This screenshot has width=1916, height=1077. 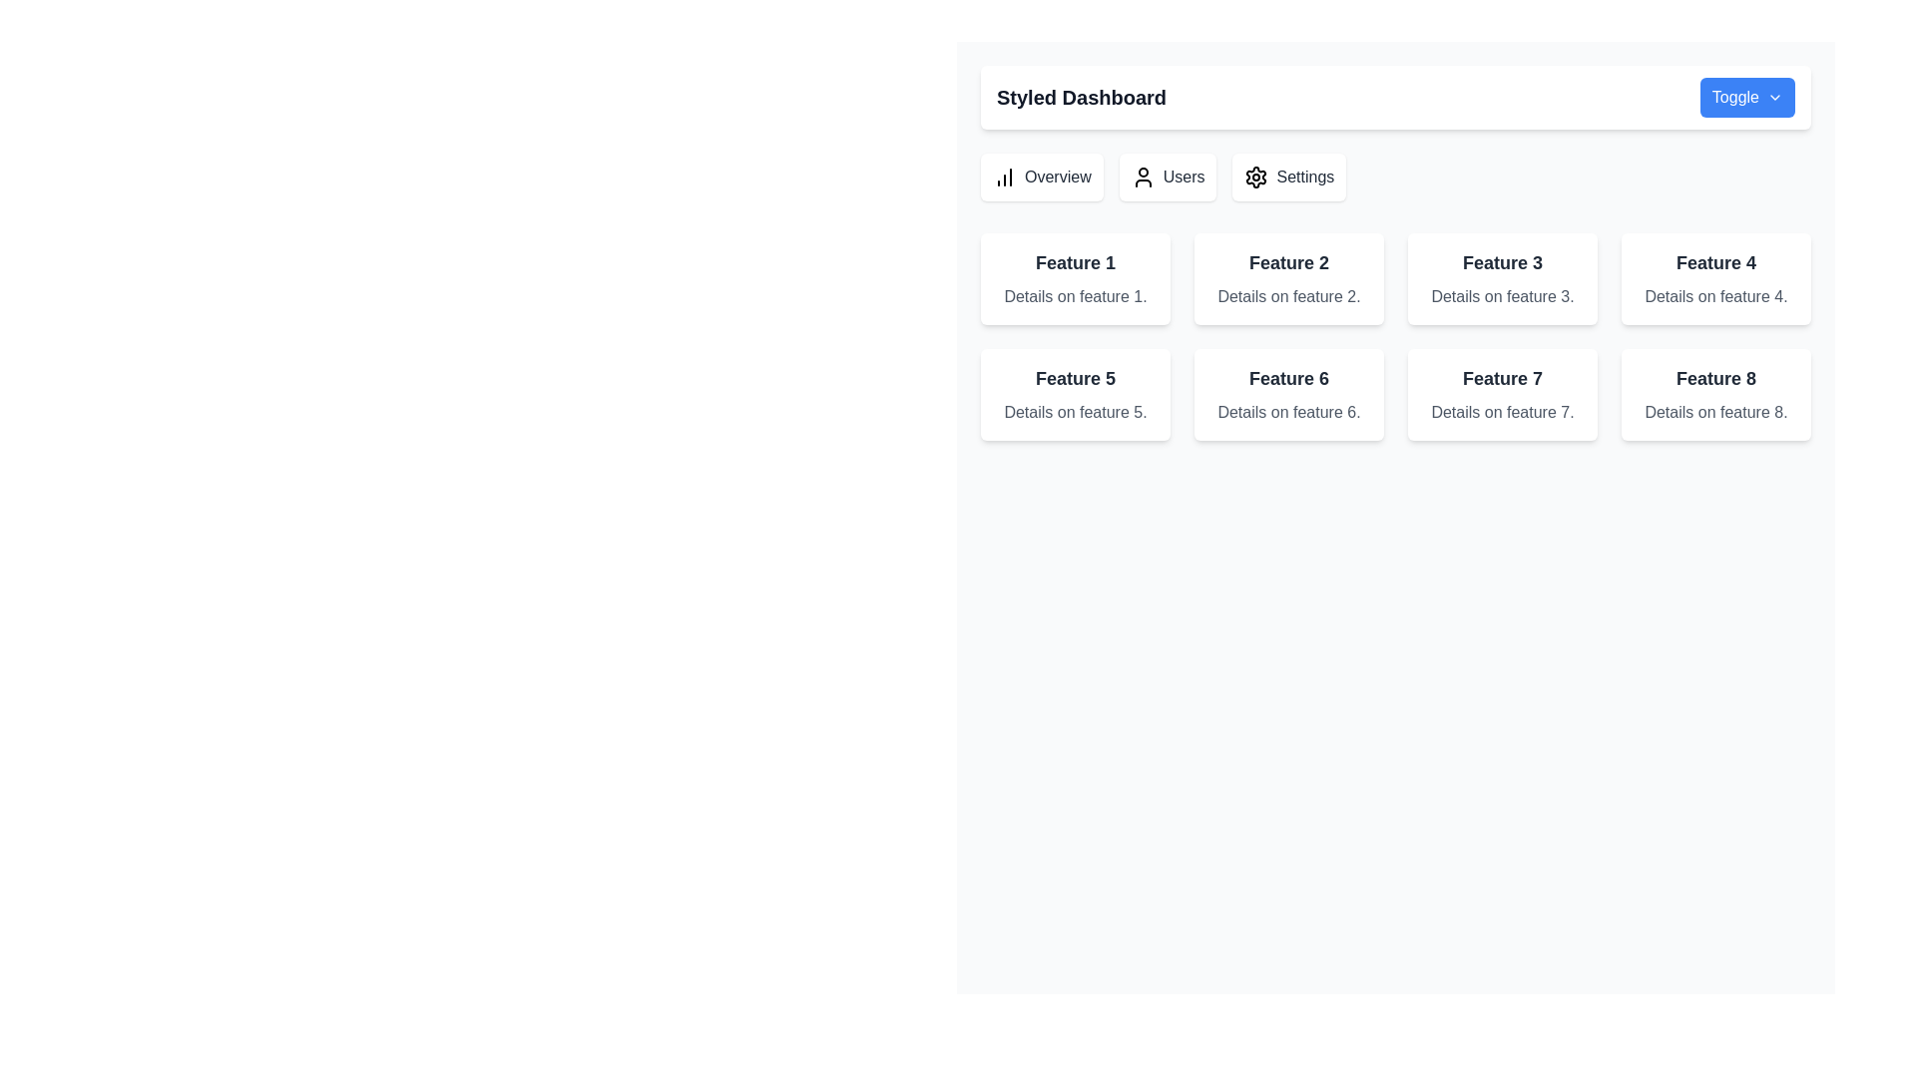 What do you see at coordinates (1288, 395) in the screenshot?
I see `the Card component summarizing 'Feature 6' located in the second row and second column of the grid layout` at bounding box center [1288, 395].